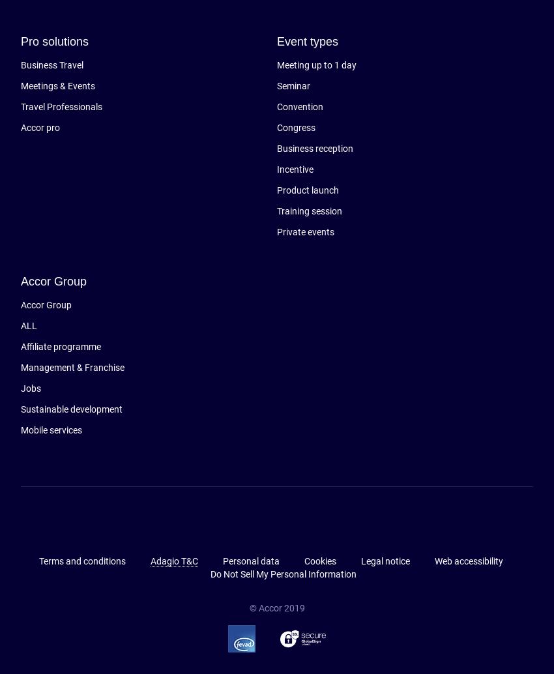 This screenshot has height=674, width=554. What do you see at coordinates (72, 368) in the screenshot?
I see `'Management & Franchise'` at bounding box center [72, 368].